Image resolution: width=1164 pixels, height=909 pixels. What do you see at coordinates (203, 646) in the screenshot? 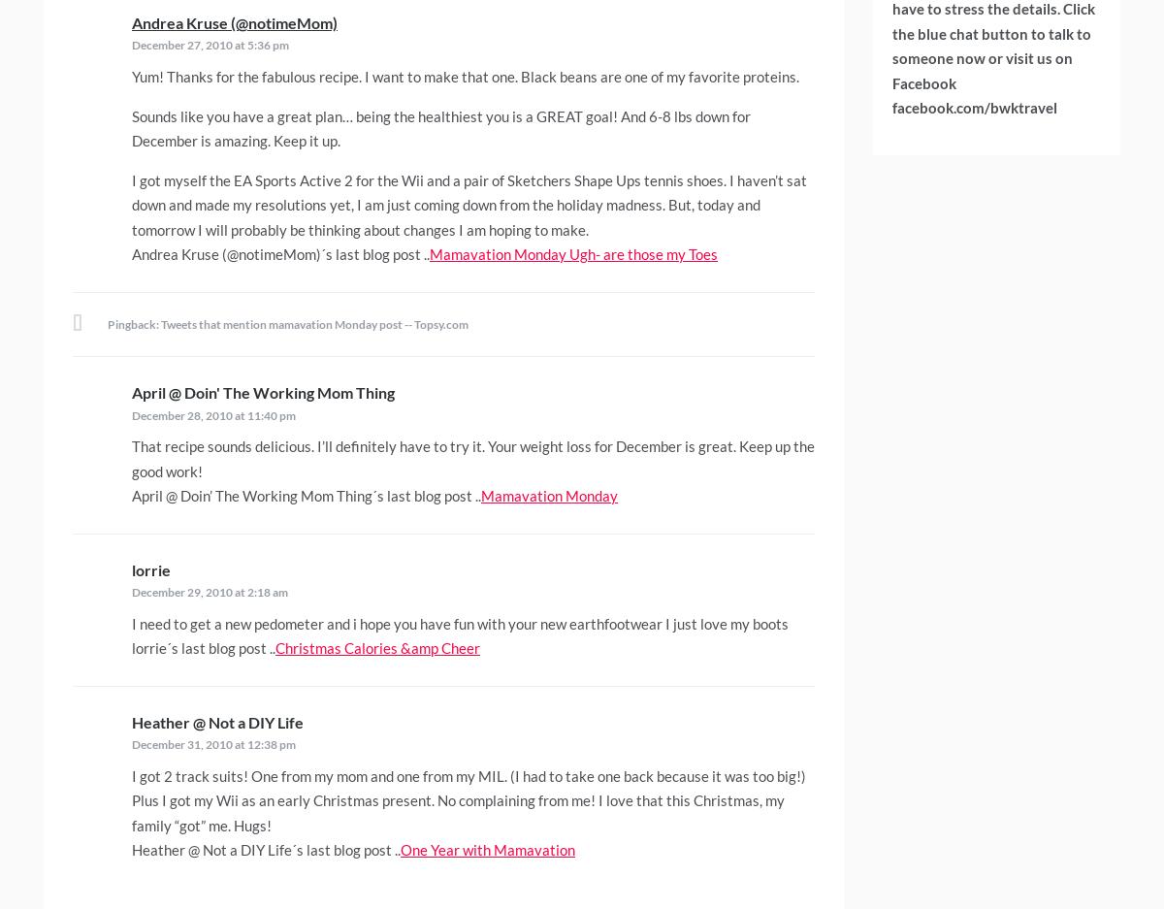
I see `'lorrie´s last blog post ..'` at bounding box center [203, 646].